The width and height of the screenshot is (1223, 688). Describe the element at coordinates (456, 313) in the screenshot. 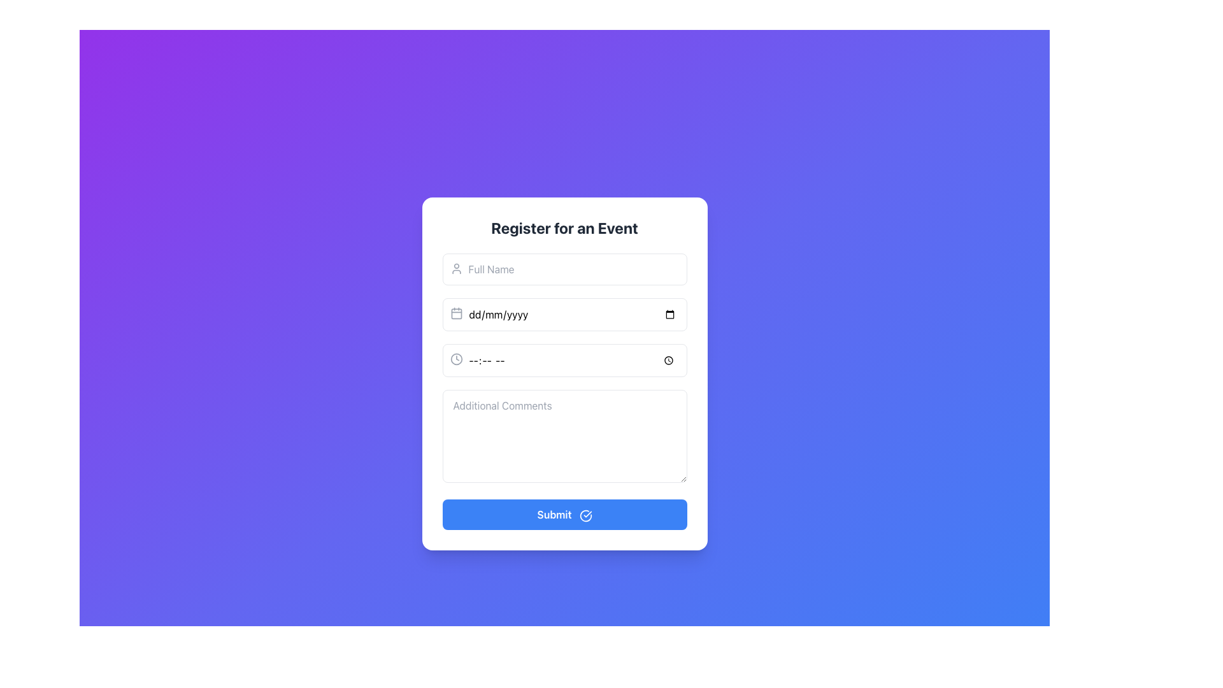

I see `the minimalist gray calendar icon located on the left inside the date input field, adjacent to the placeholder text 'dd/mm/yyyy'` at that location.